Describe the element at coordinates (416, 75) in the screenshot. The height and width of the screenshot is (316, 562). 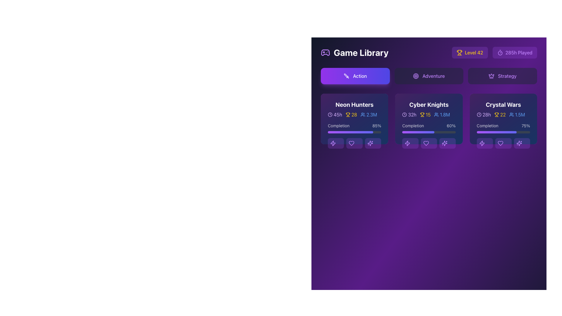
I see `the 'Adventure' category icon, located to the left of the button text 'Adventure' in the Game Library interface, which is positioned between the 'Action' and 'Strategy' buttons` at that location.